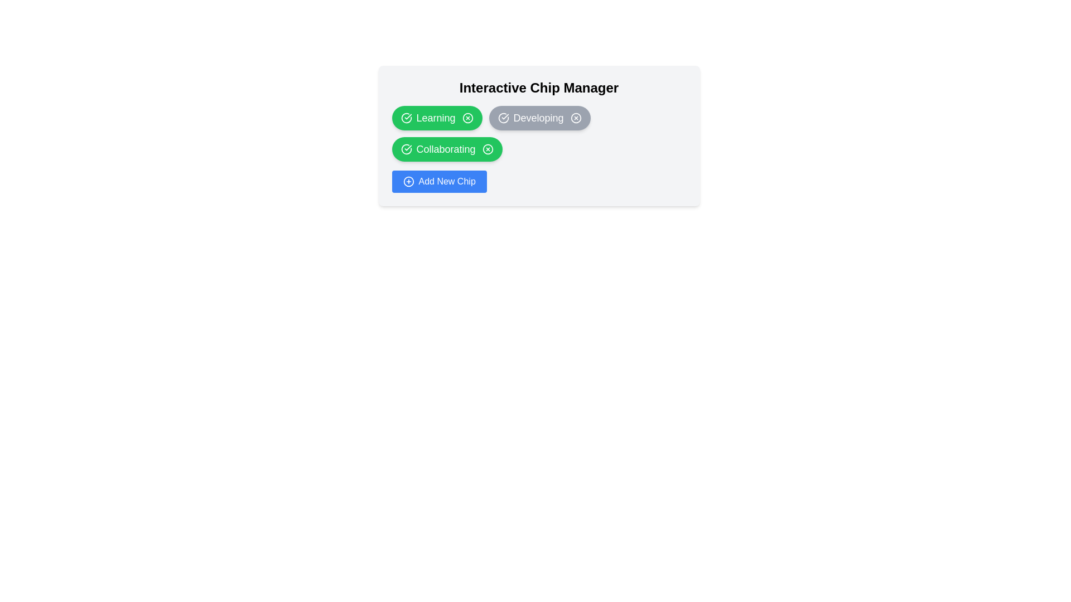 This screenshot has width=1071, height=602. What do you see at coordinates (408, 181) in the screenshot?
I see `the decorative circular SVG element that serves as the background for the plus icon in the 'Add New Chip' button` at bounding box center [408, 181].